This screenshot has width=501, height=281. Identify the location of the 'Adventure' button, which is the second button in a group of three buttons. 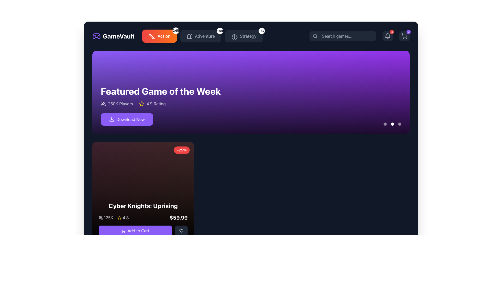
(202, 36).